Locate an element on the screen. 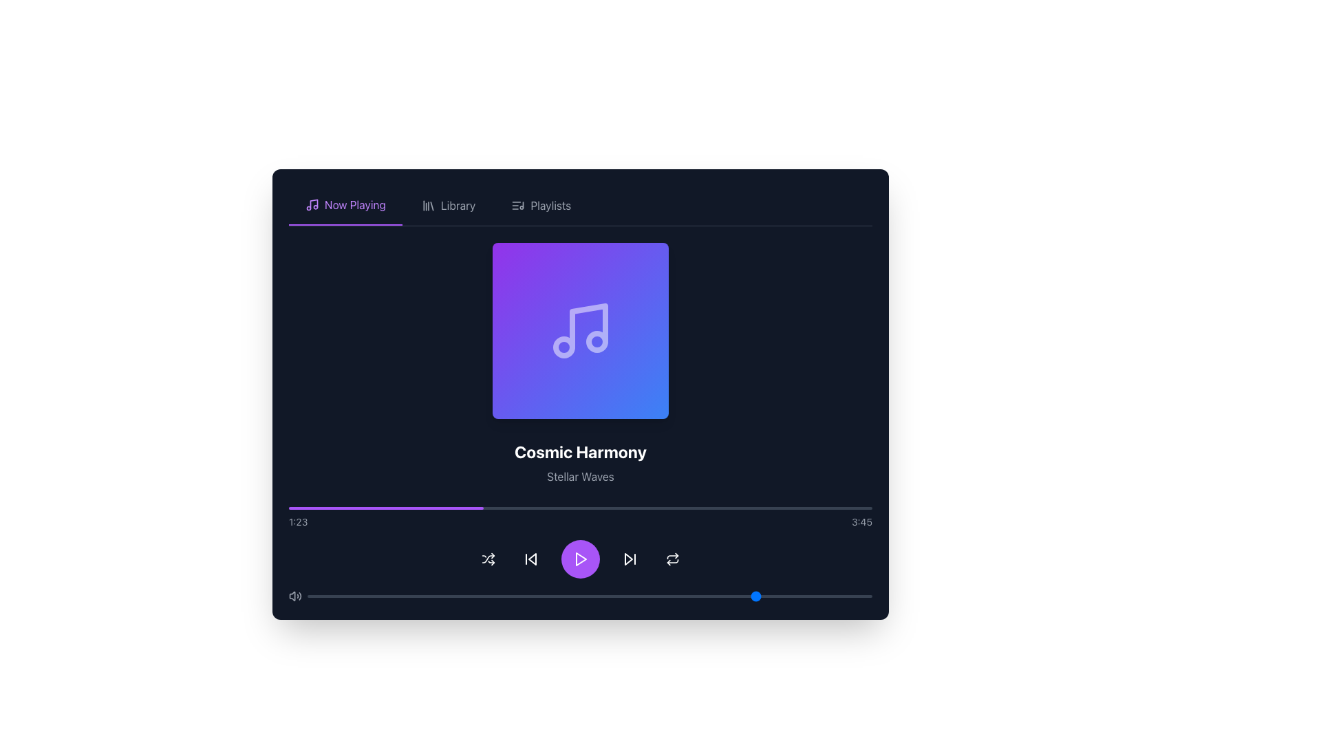 The image size is (1321, 743). the fourth interactive button from the left in the media controls section at the bottom of the interface is located at coordinates (530, 559).